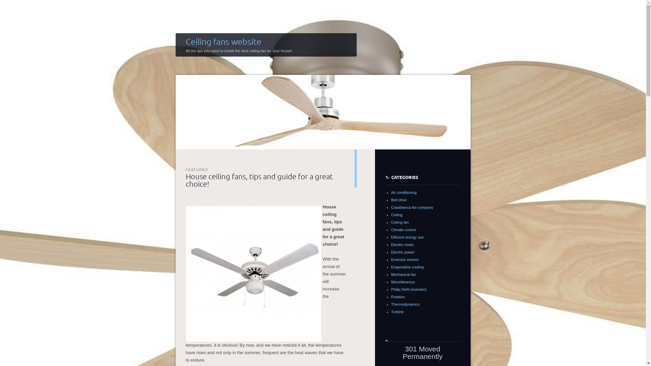 This screenshot has height=366, width=651. I want to click on 'Climate control', so click(391, 229).